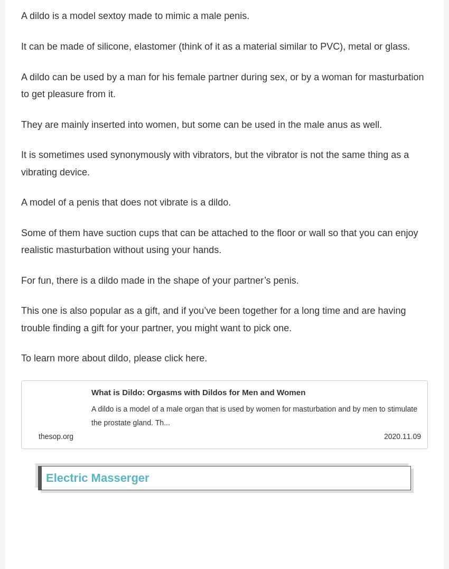  Describe the element at coordinates (198, 395) in the screenshot. I see `'What is Dildo: Orgasms with Dildos for Men and Women'` at that location.